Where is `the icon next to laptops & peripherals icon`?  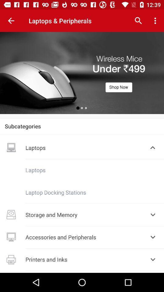
the icon next to laptops & peripherals icon is located at coordinates (11, 21).